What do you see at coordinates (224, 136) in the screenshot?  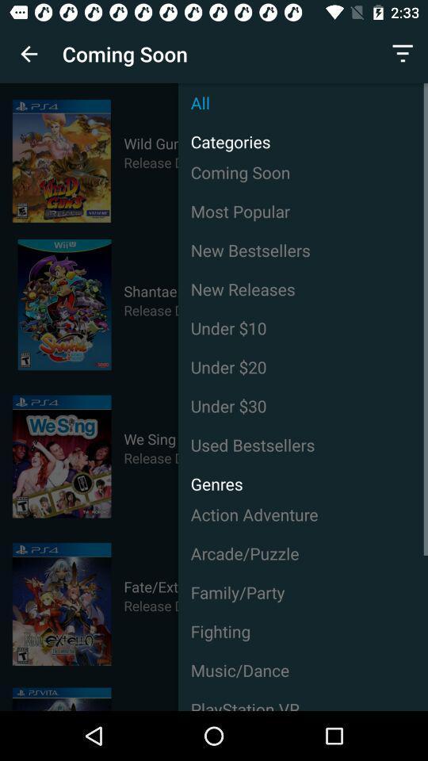 I see `icon below the all item` at bounding box center [224, 136].